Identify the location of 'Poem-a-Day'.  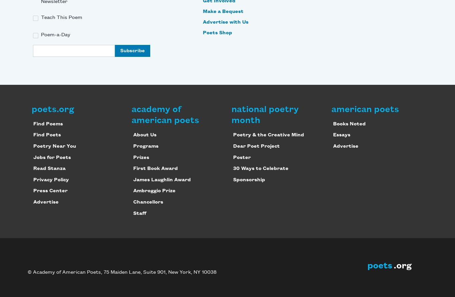
(55, 35).